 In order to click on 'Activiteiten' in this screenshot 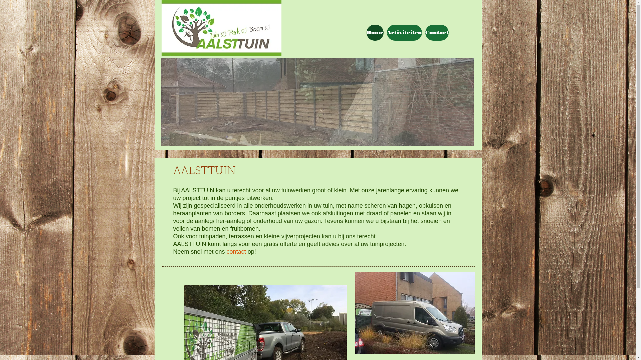, I will do `click(404, 32)`.